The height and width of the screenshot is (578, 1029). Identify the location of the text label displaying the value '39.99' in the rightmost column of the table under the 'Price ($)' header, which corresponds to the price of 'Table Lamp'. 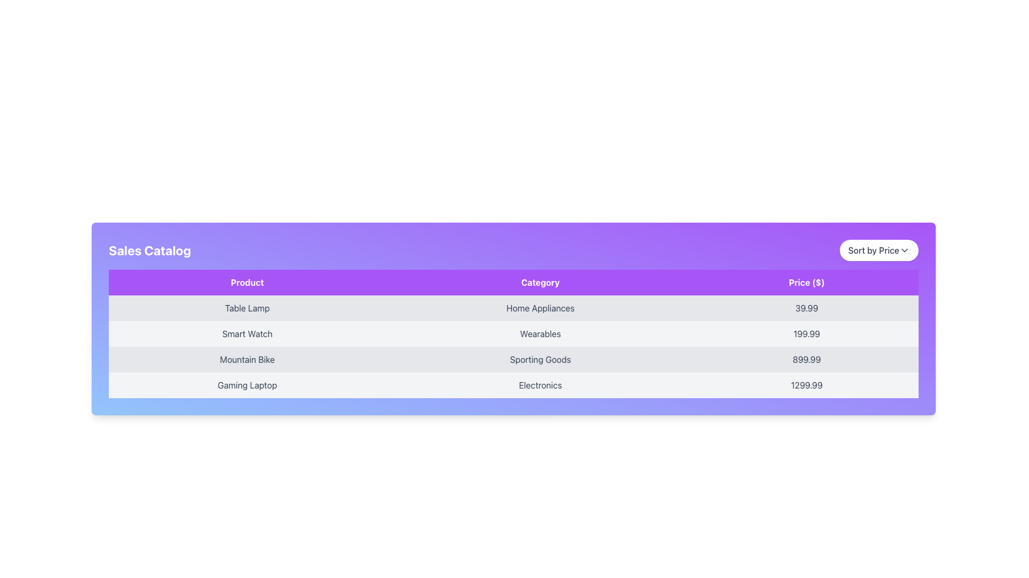
(807, 308).